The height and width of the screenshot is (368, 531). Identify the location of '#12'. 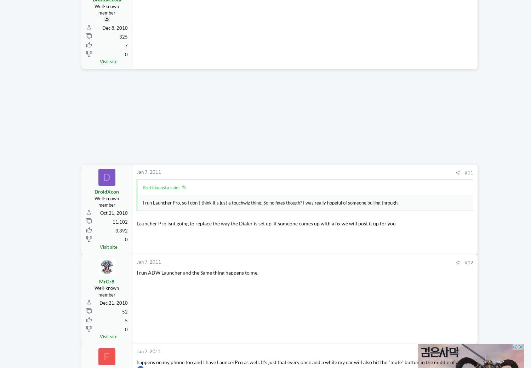
(402, 275).